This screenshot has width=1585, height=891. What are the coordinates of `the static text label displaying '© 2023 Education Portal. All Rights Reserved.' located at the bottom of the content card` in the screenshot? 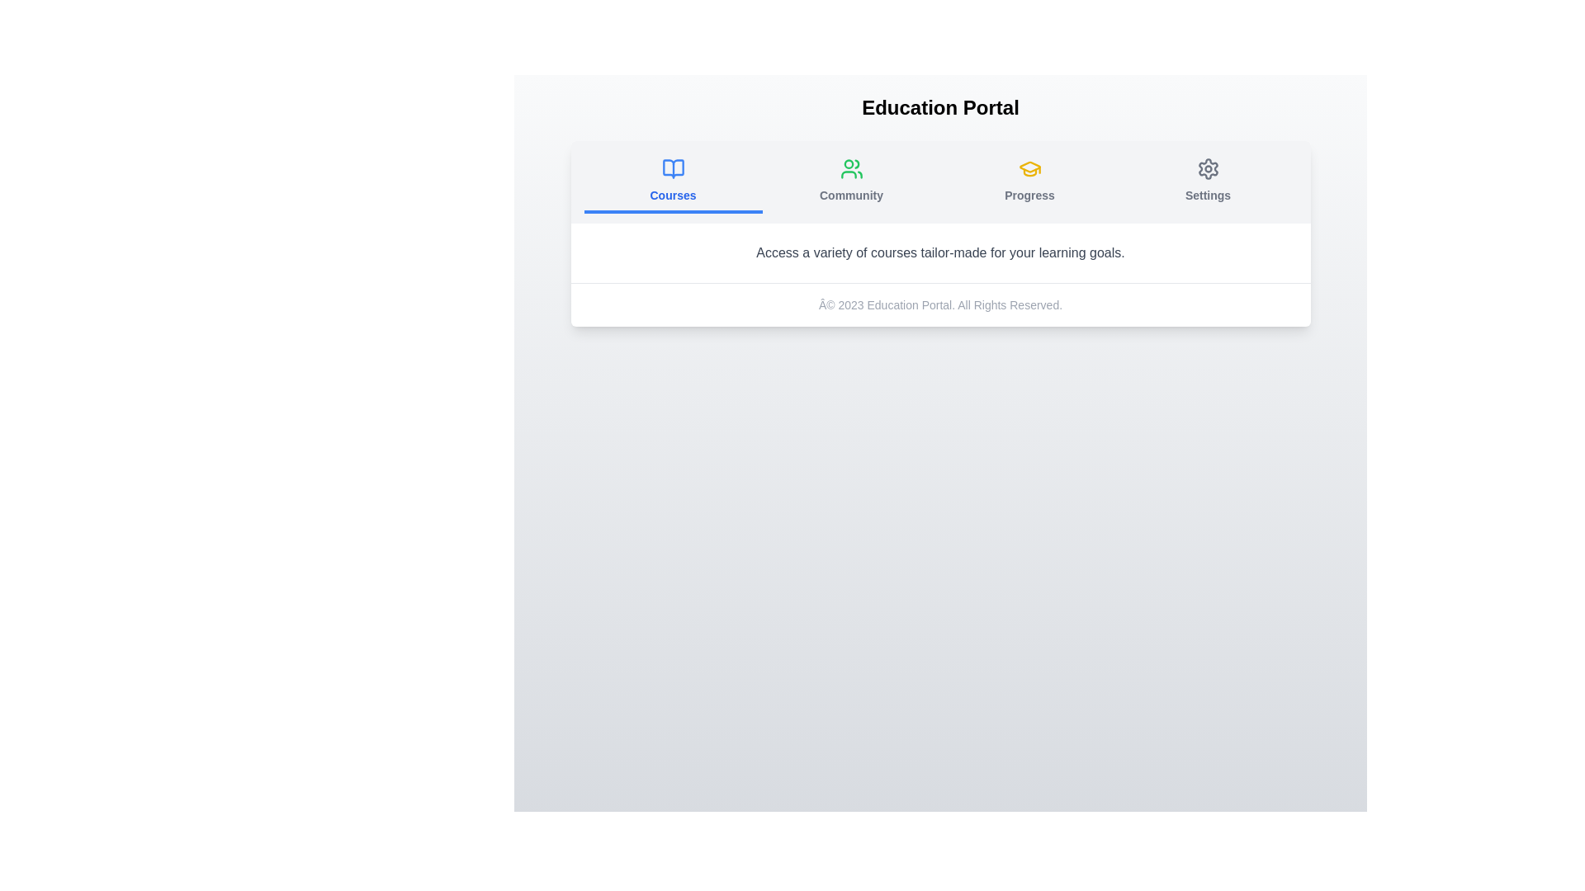 It's located at (940, 304).